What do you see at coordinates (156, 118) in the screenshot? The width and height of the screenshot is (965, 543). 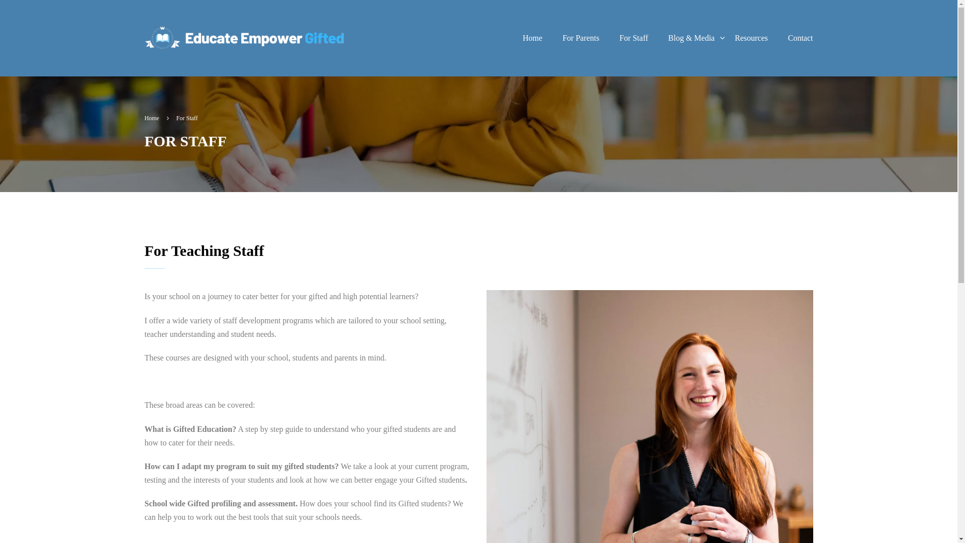 I see `'Home'` at bounding box center [156, 118].